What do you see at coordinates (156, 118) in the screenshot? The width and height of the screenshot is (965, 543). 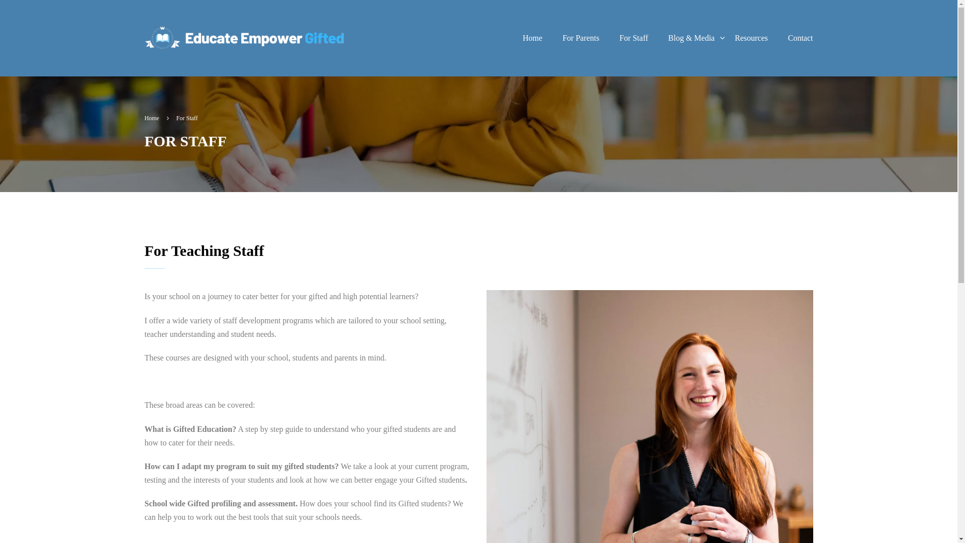 I see `'Home'` at bounding box center [156, 118].